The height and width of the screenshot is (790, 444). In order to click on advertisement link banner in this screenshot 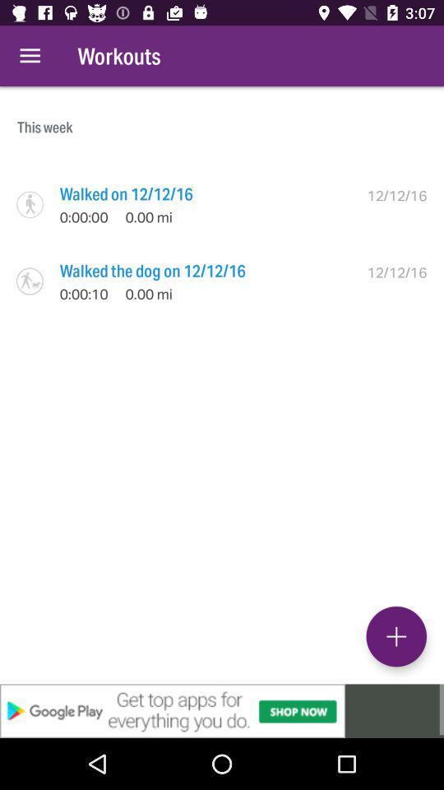, I will do `click(222, 710)`.